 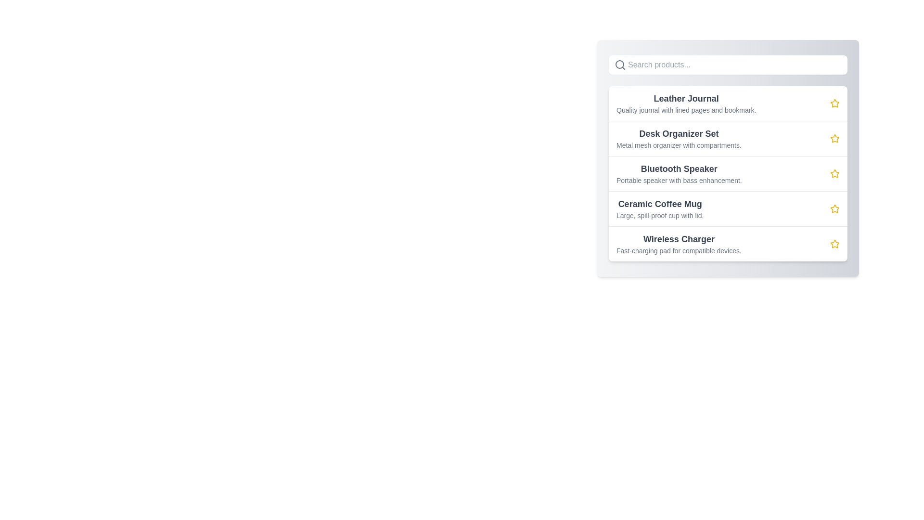 I want to click on the yellow star icon outlined with a thin border, which is the rightmost component of the third list item titled 'Bluetooth Speaker', so click(x=834, y=174).